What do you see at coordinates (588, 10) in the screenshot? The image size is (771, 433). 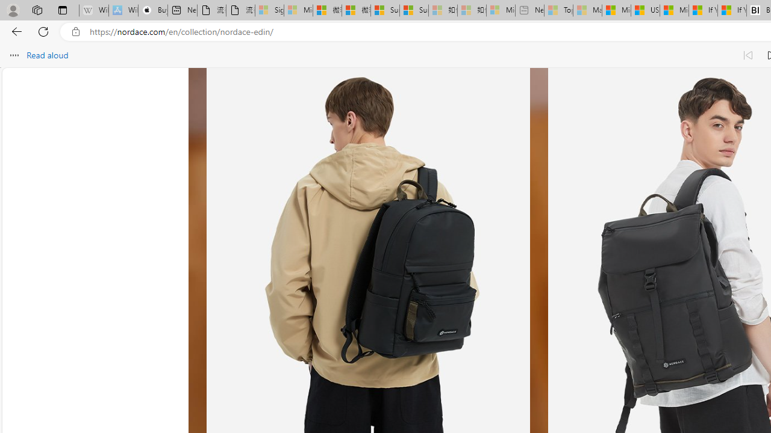 I see `'Marine life - MSN - Sleeping'` at bounding box center [588, 10].